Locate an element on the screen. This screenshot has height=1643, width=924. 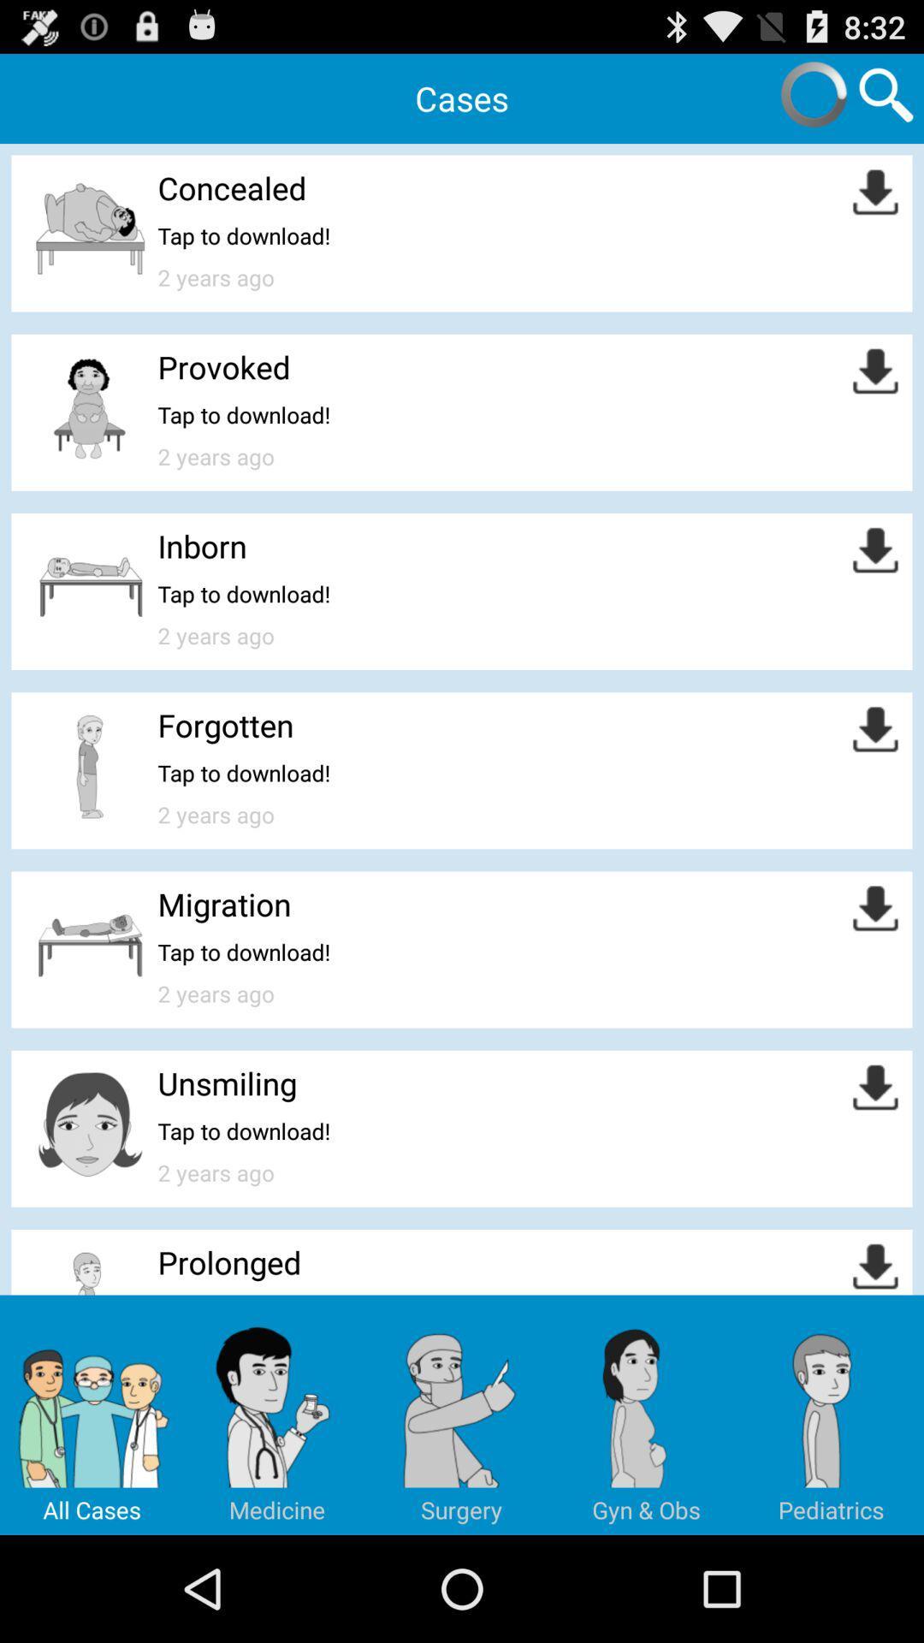
migration icon is located at coordinates (223, 903).